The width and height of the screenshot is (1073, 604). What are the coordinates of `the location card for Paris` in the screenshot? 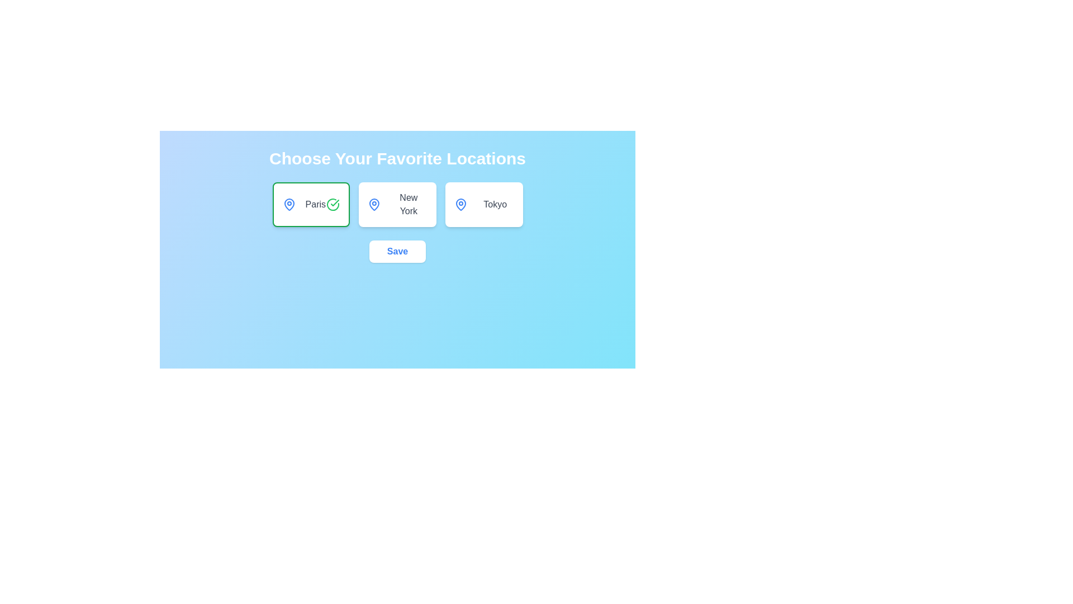 It's located at (311, 205).